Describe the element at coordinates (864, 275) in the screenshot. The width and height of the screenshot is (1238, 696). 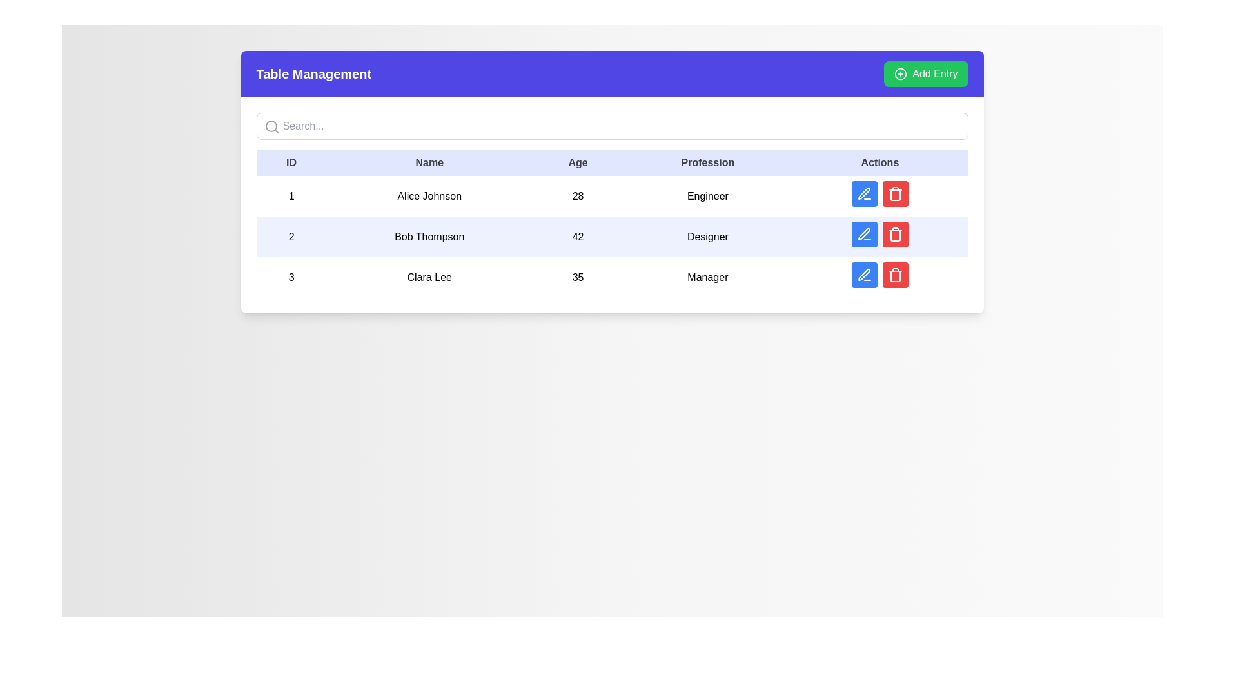
I see `the edit button located in the 'Actions' column of the last row in the data table` at that location.